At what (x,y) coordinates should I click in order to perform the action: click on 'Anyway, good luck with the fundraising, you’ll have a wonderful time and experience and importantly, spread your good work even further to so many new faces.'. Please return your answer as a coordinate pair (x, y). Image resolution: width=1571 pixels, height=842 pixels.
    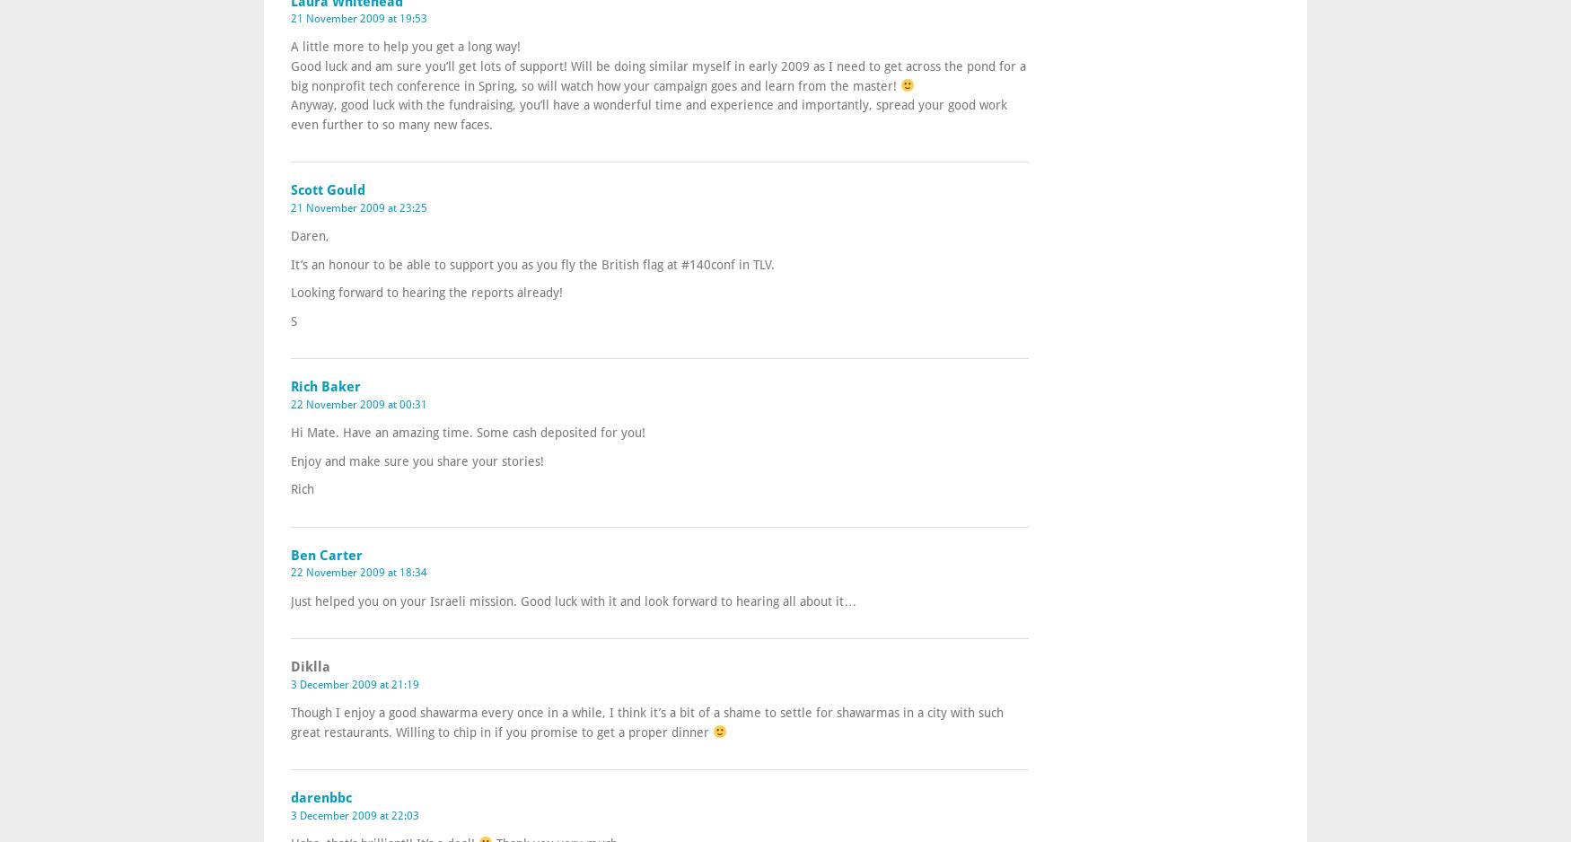
    Looking at the image, I should click on (648, 113).